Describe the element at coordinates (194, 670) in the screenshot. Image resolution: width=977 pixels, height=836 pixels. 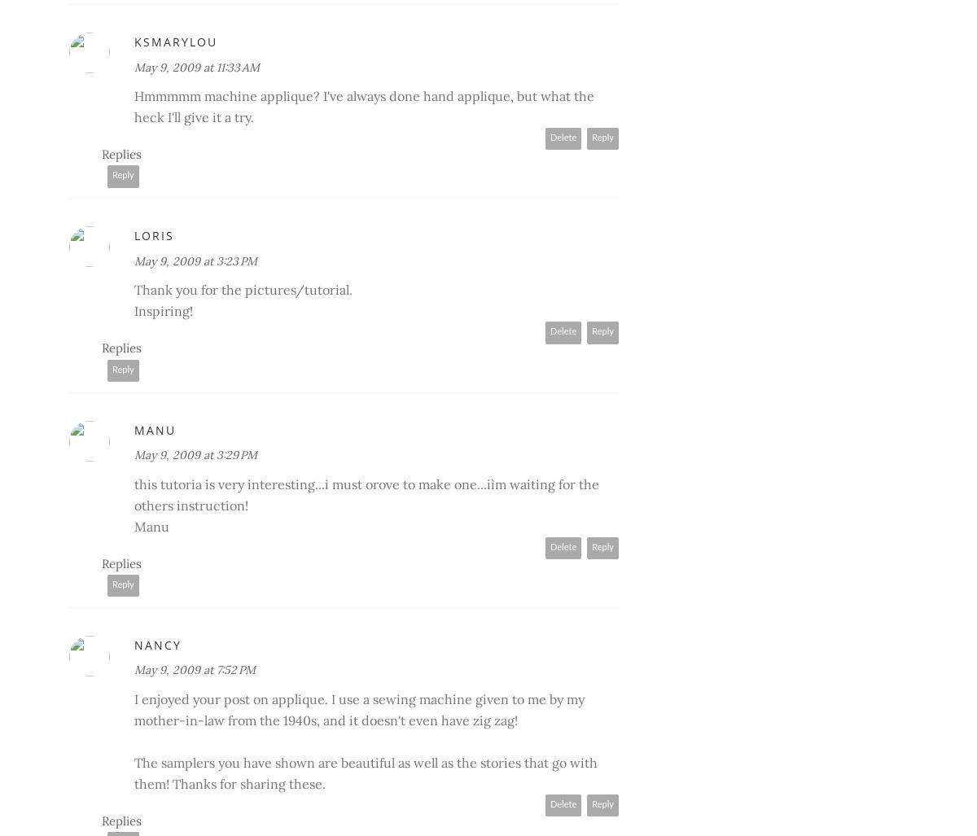
I see `'May 9, 2009 at 7:52 PM'` at that location.